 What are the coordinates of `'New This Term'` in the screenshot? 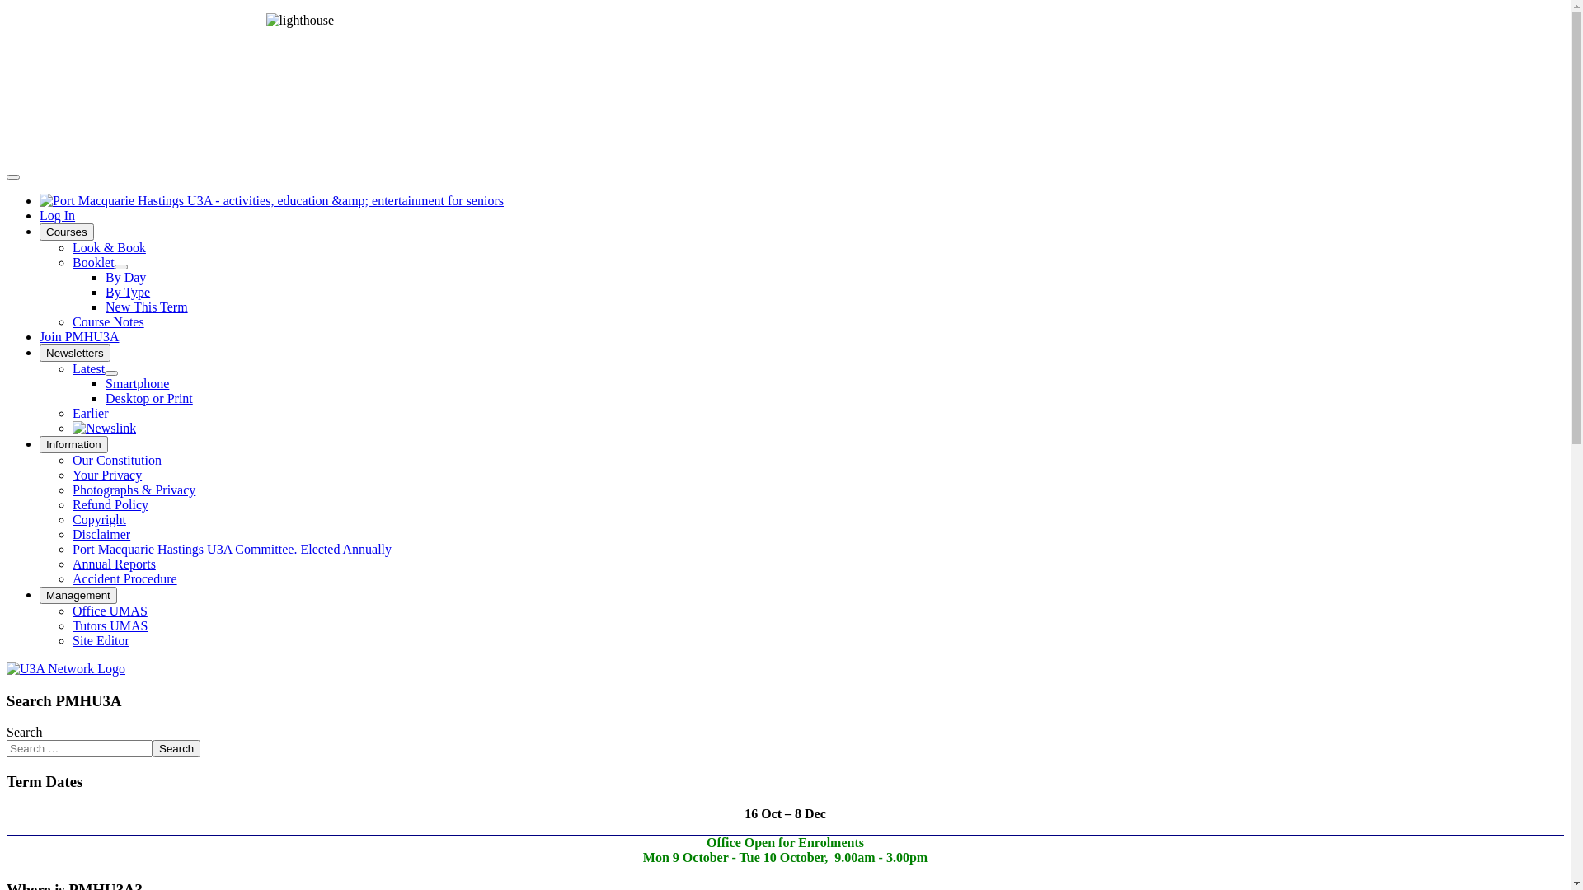 It's located at (146, 307).